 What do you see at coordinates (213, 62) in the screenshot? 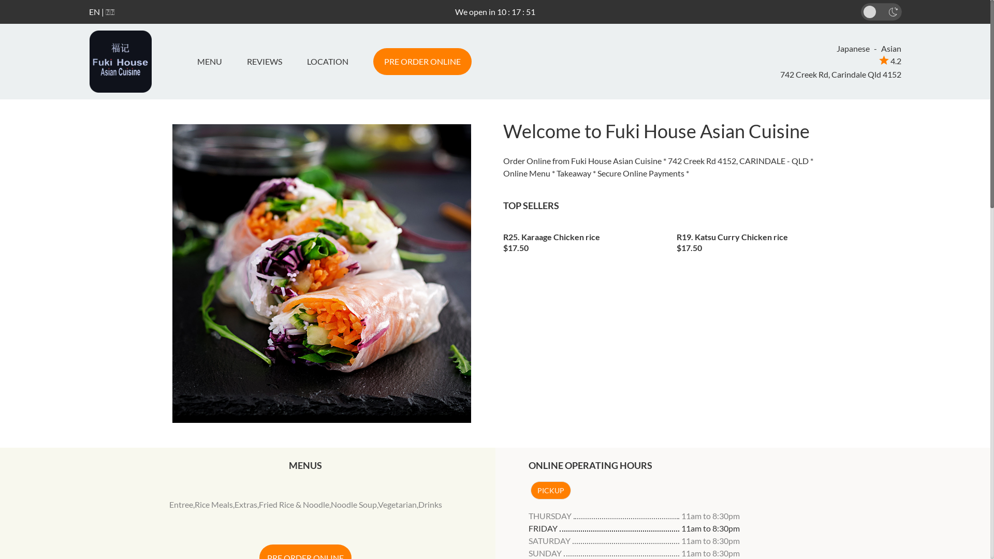
I see `'MENU'` at bounding box center [213, 62].